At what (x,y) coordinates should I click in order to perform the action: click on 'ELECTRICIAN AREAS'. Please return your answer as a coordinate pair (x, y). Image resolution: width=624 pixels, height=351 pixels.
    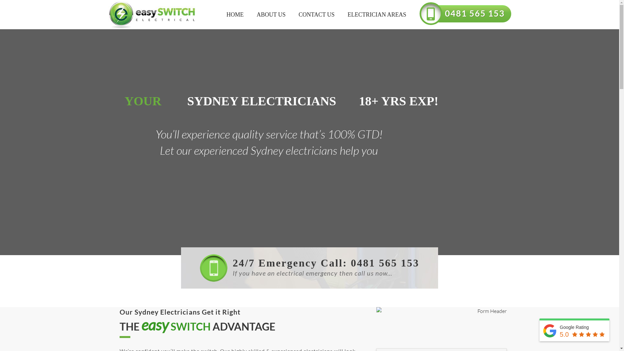
    Looking at the image, I should click on (377, 15).